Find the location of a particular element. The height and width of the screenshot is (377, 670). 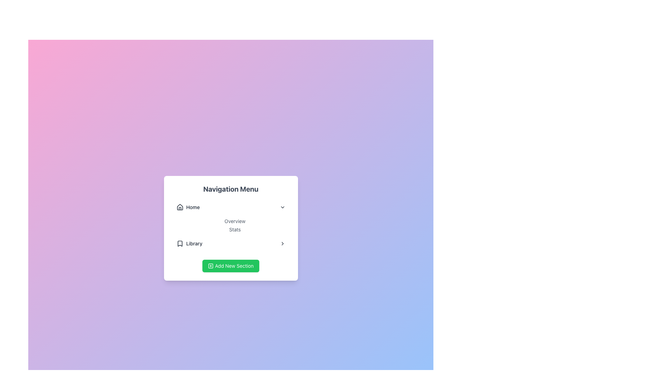

the 'Overview' link in the navigation menu, which is a grouped text link component located under the 'Home' section is located at coordinates (231, 225).